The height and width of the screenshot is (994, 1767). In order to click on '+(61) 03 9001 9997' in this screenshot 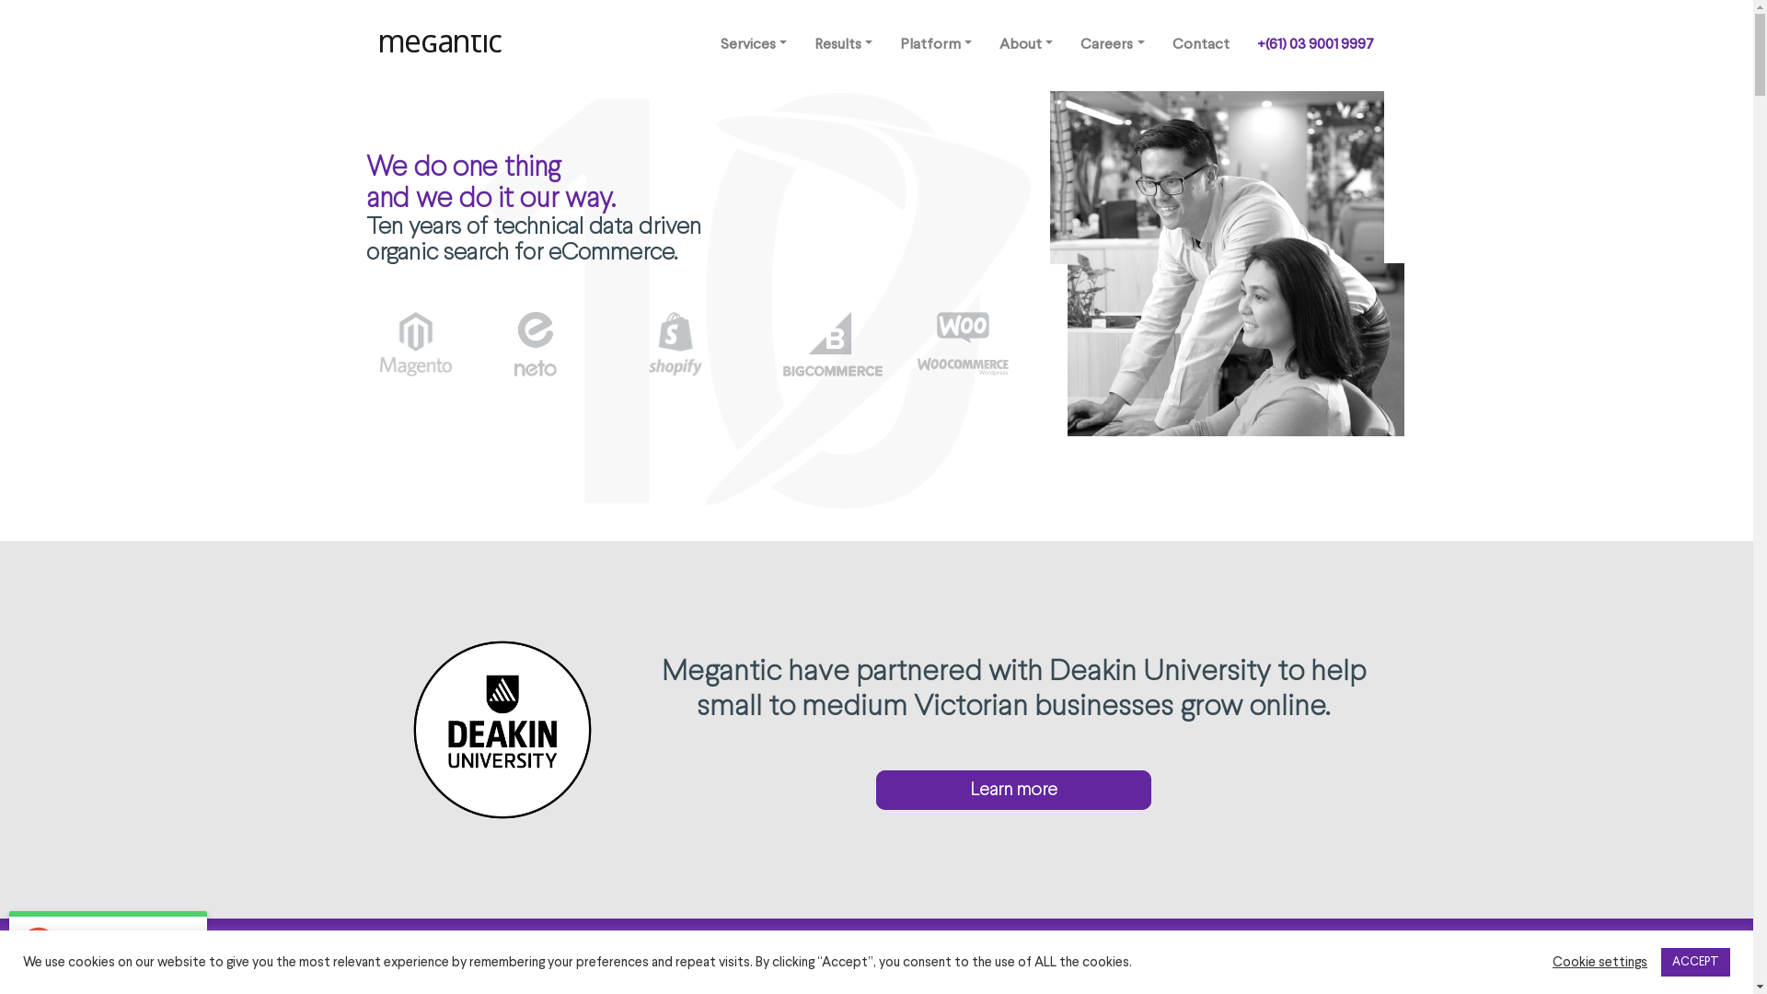, I will do `click(1313, 44)`.